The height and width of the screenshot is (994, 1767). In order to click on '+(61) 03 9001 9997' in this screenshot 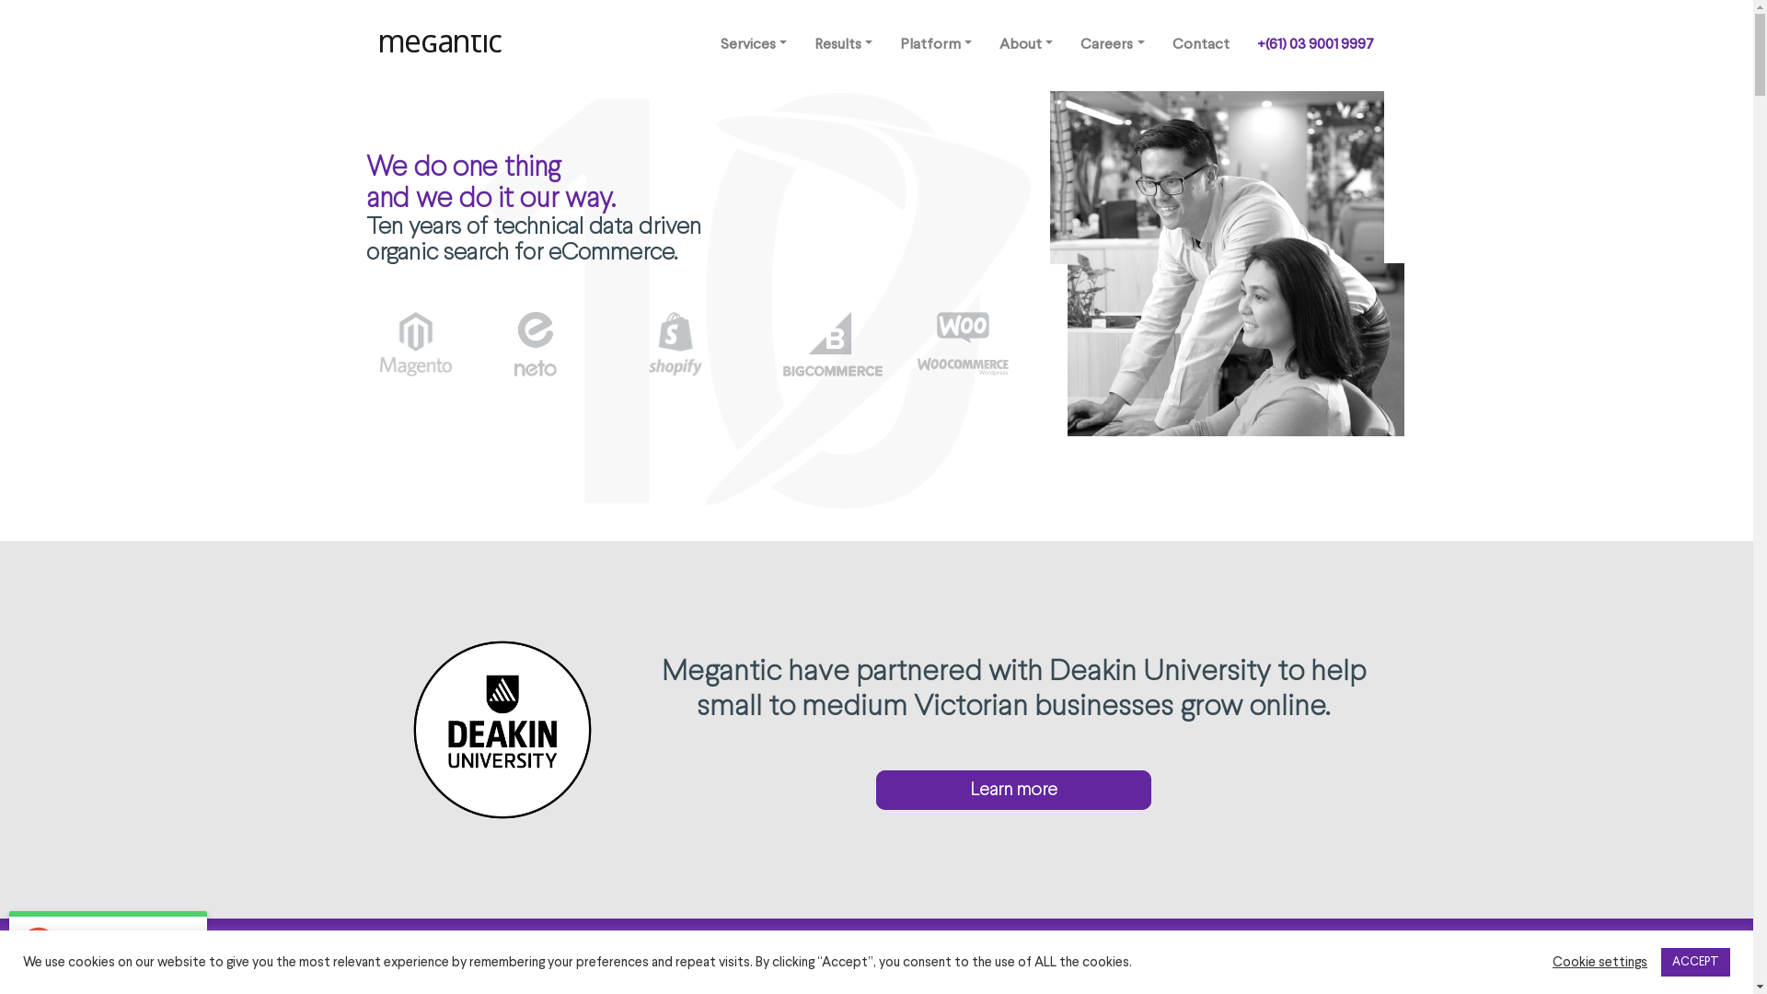, I will do `click(1313, 44)`.